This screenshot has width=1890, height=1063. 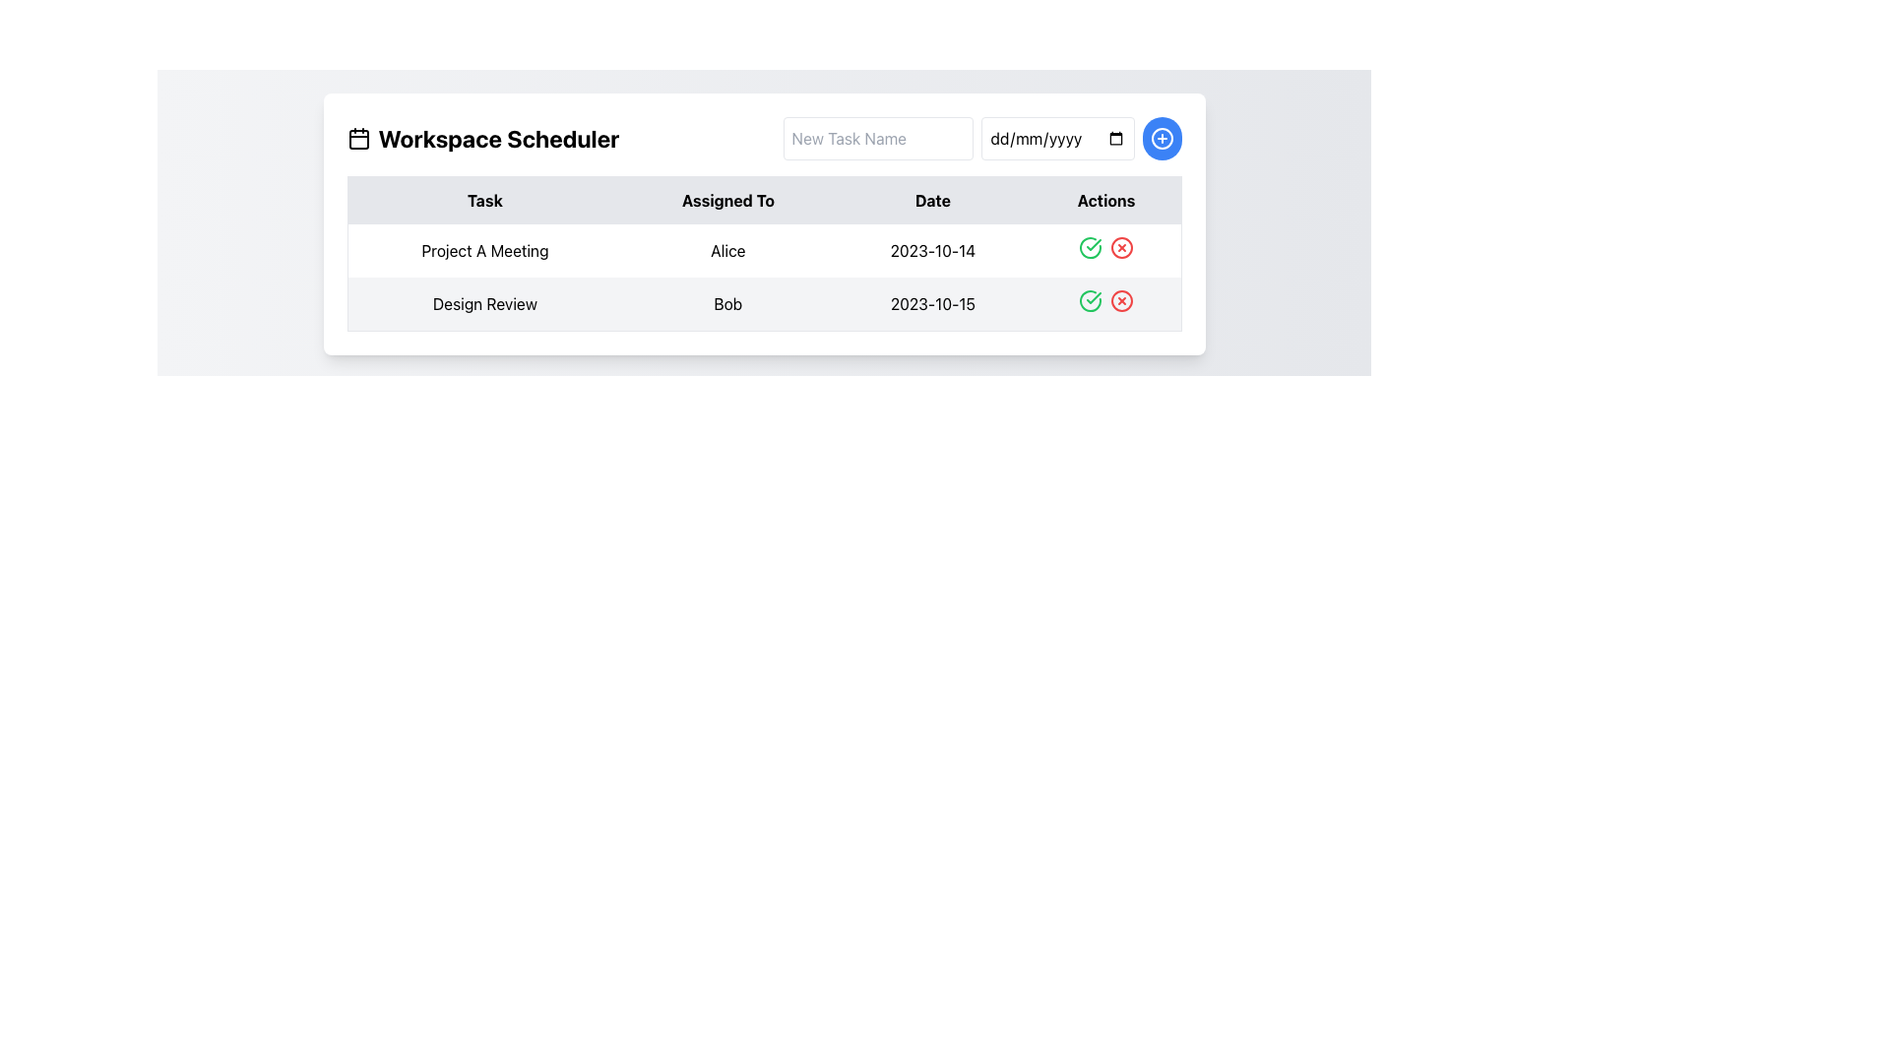 What do you see at coordinates (482, 138) in the screenshot?
I see `heading element that serves as the title for the scheduler workspace, located at the top-left section of the layout` at bounding box center [482, 138].